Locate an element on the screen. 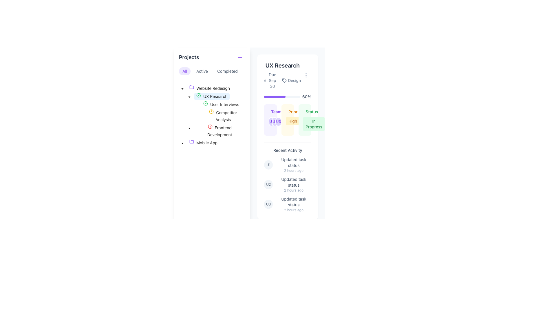 The image size is (556, 313). the static text header element displaying 'UX Research', which is positioned at the top of the panel containing project task details is located at coordinates (282, 65).